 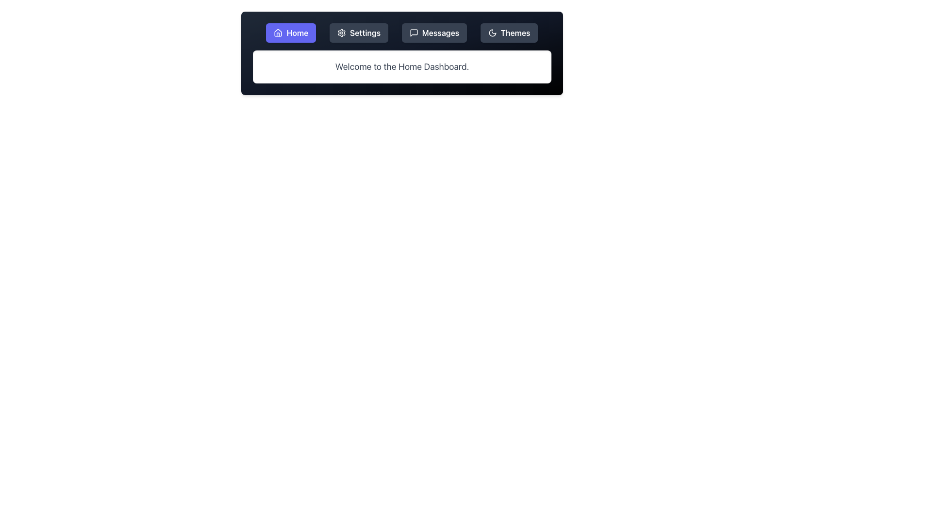 I want to click on the 'Themes' text label located in the top-right corner of the navigation bar, so click(x=515, y=33).